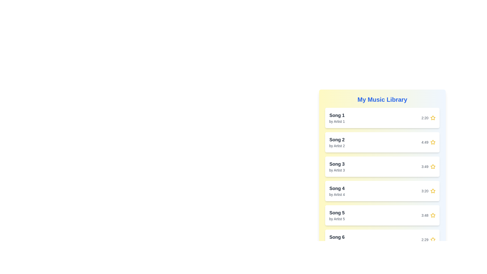 The width and height of the screenshot is (487, 274). Describe the element at coordinates (337, 215) in the screenshot. I see `the text block representing 'Song 5' by 'Artist 5' in the fifth position of the song list` at that location.